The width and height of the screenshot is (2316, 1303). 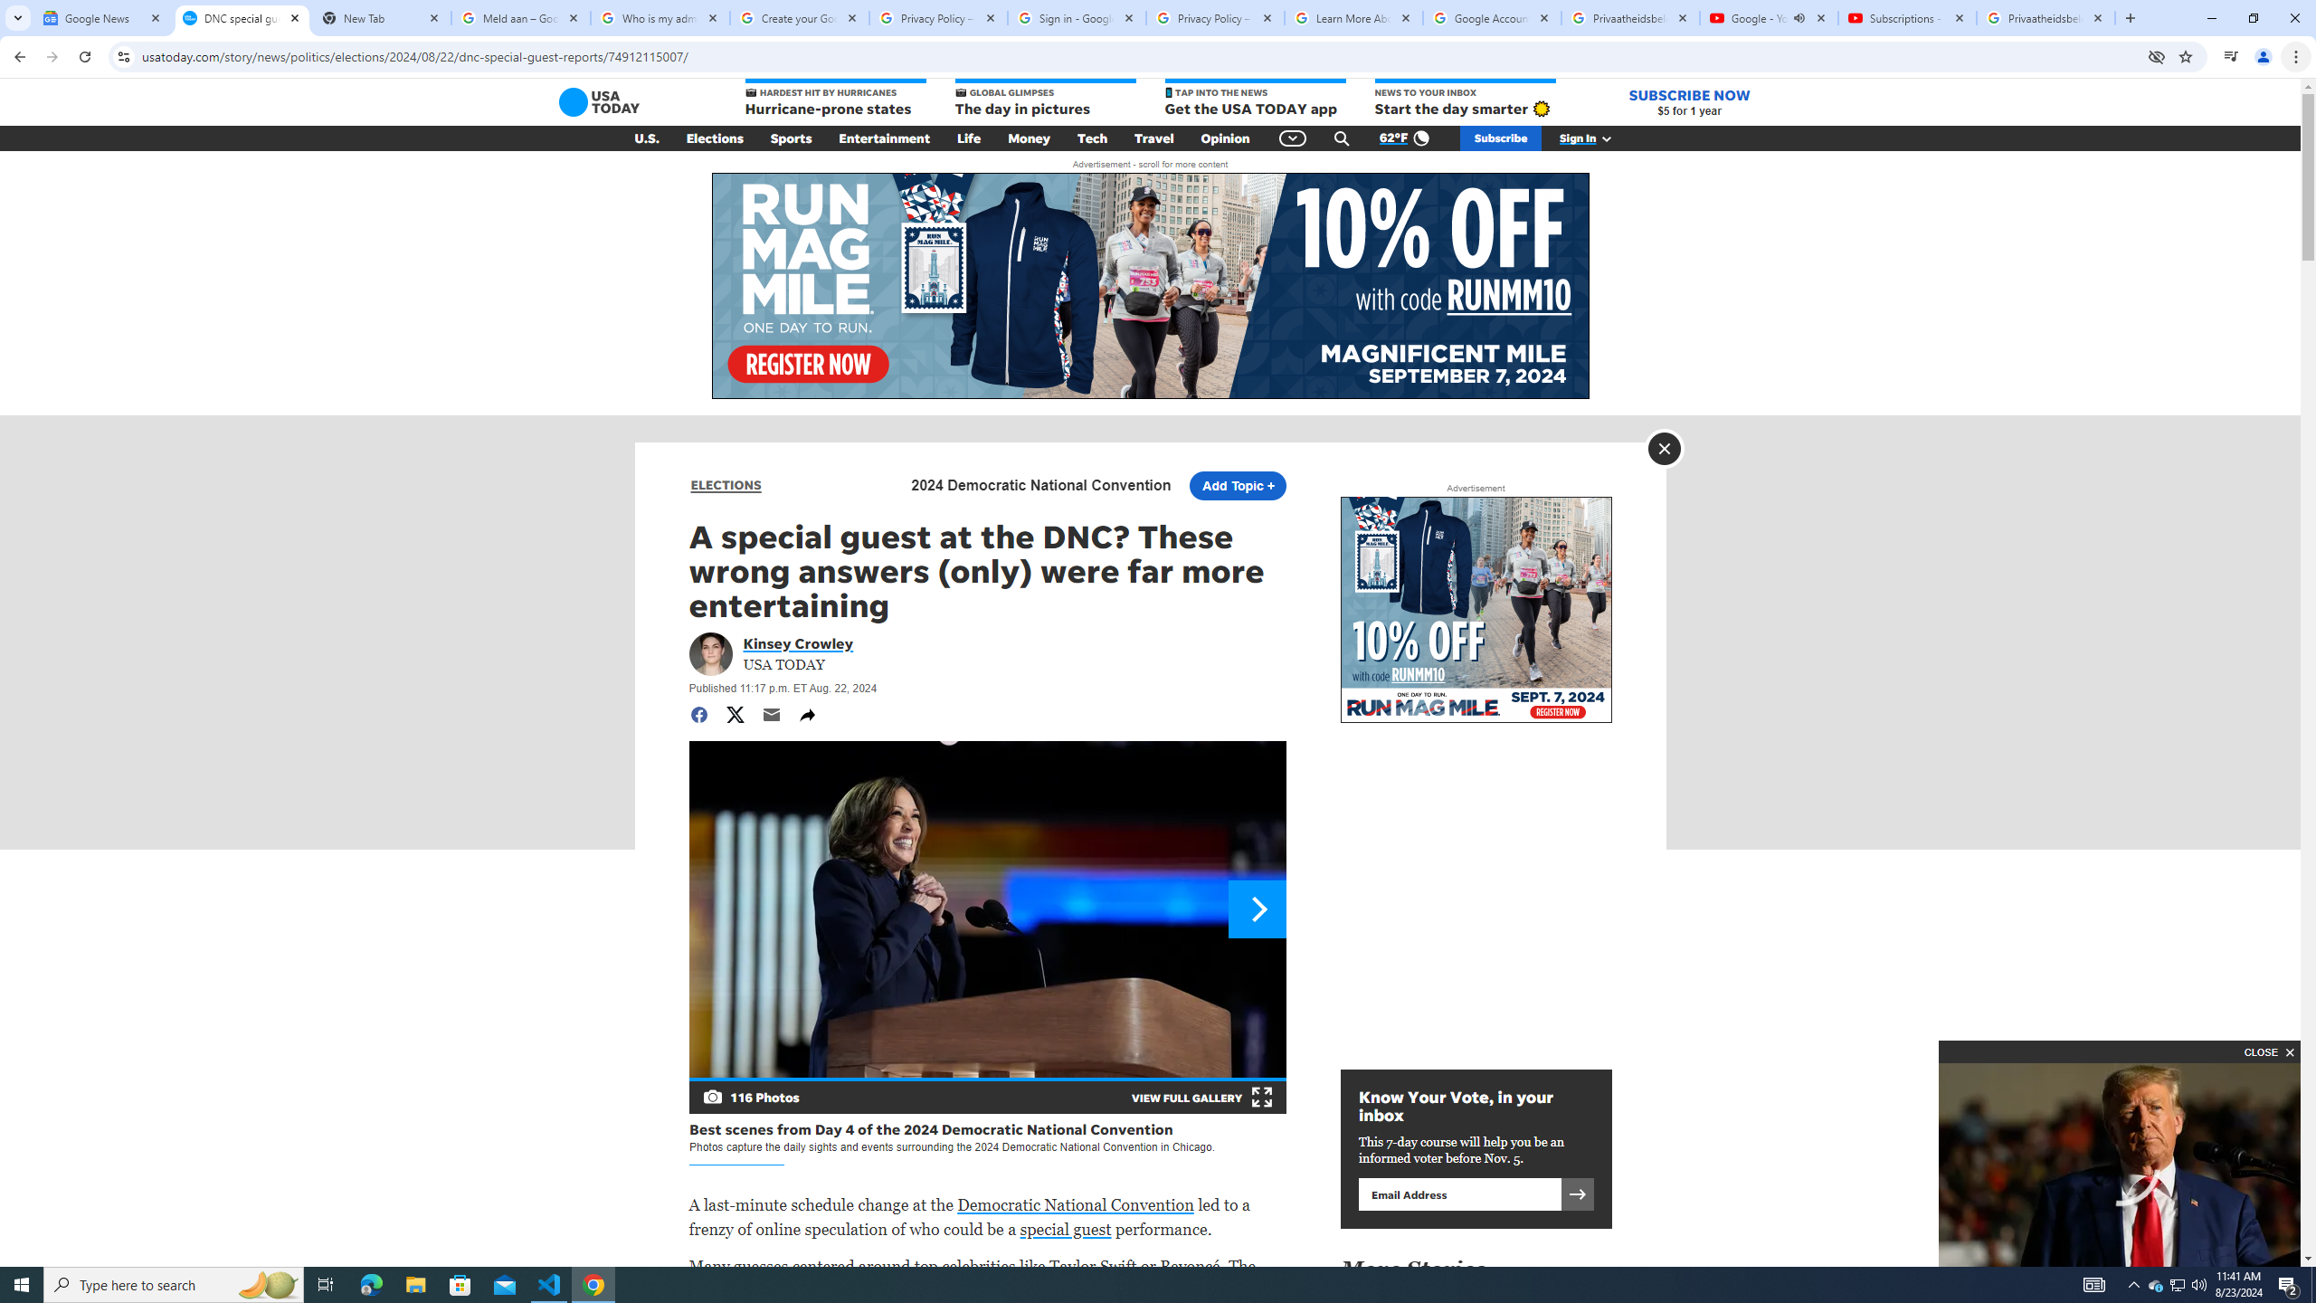 What do you see at coordinates (2210, 17) in the screenshot?
I see `'Minimize'` at bounding box center [2210, 17].